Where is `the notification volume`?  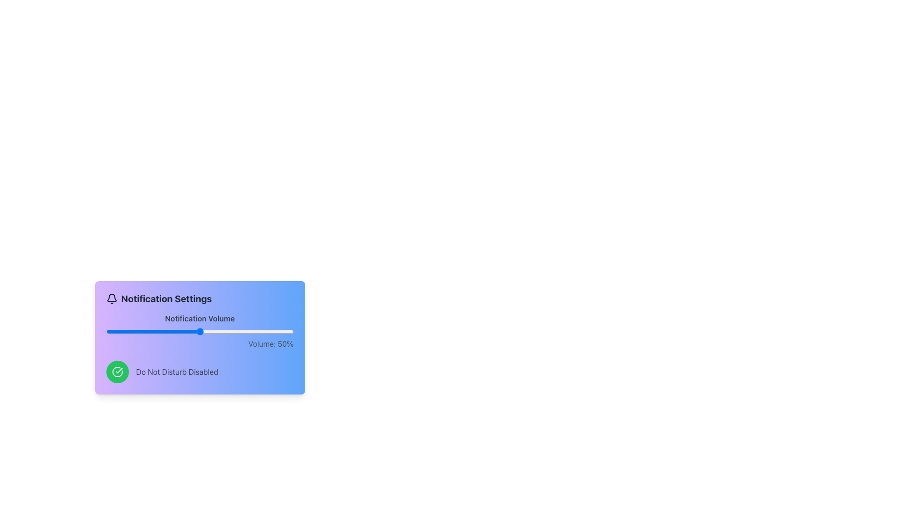
the notification volume is located at coordinates (262, 331).